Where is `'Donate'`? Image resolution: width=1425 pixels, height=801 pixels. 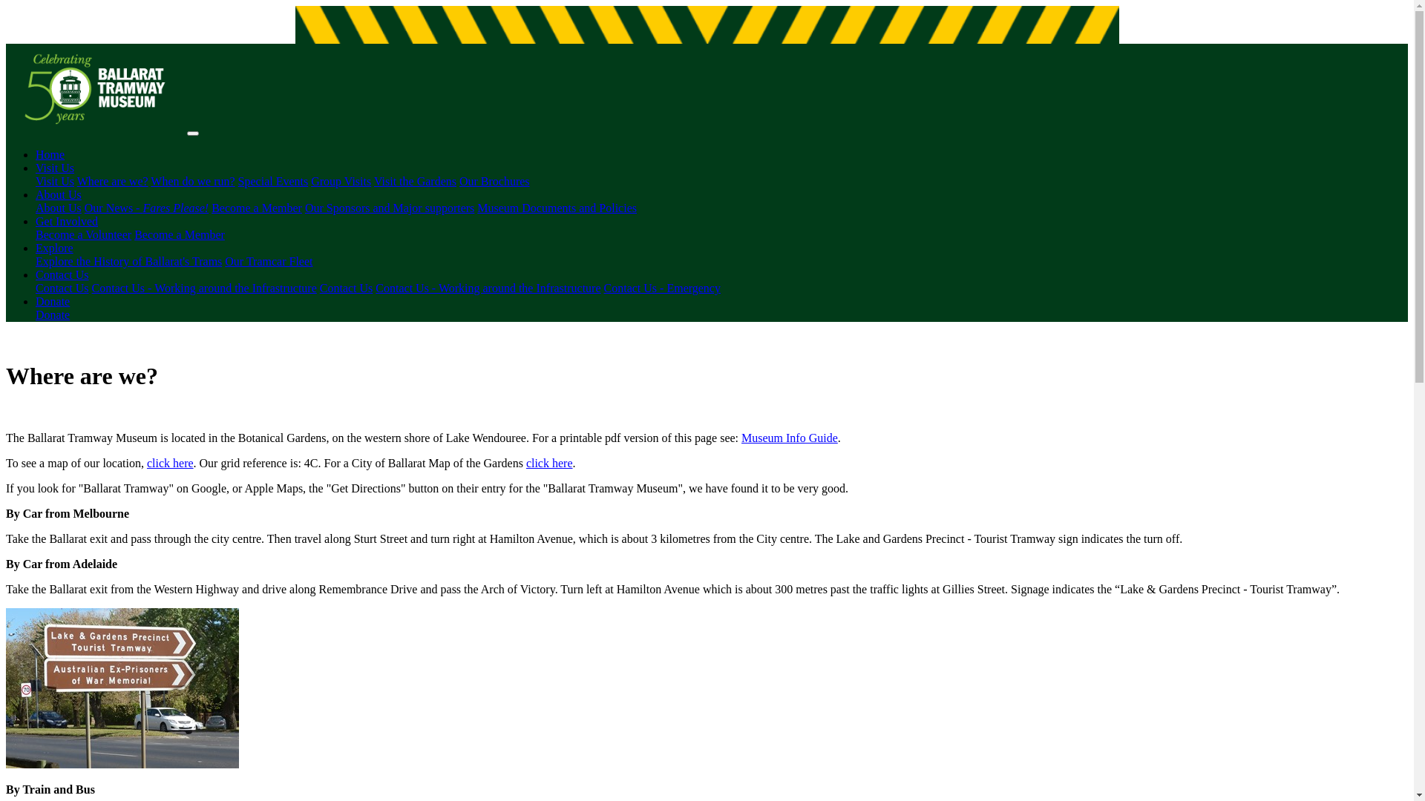 'Donate' is located at coordinates (53, 300).